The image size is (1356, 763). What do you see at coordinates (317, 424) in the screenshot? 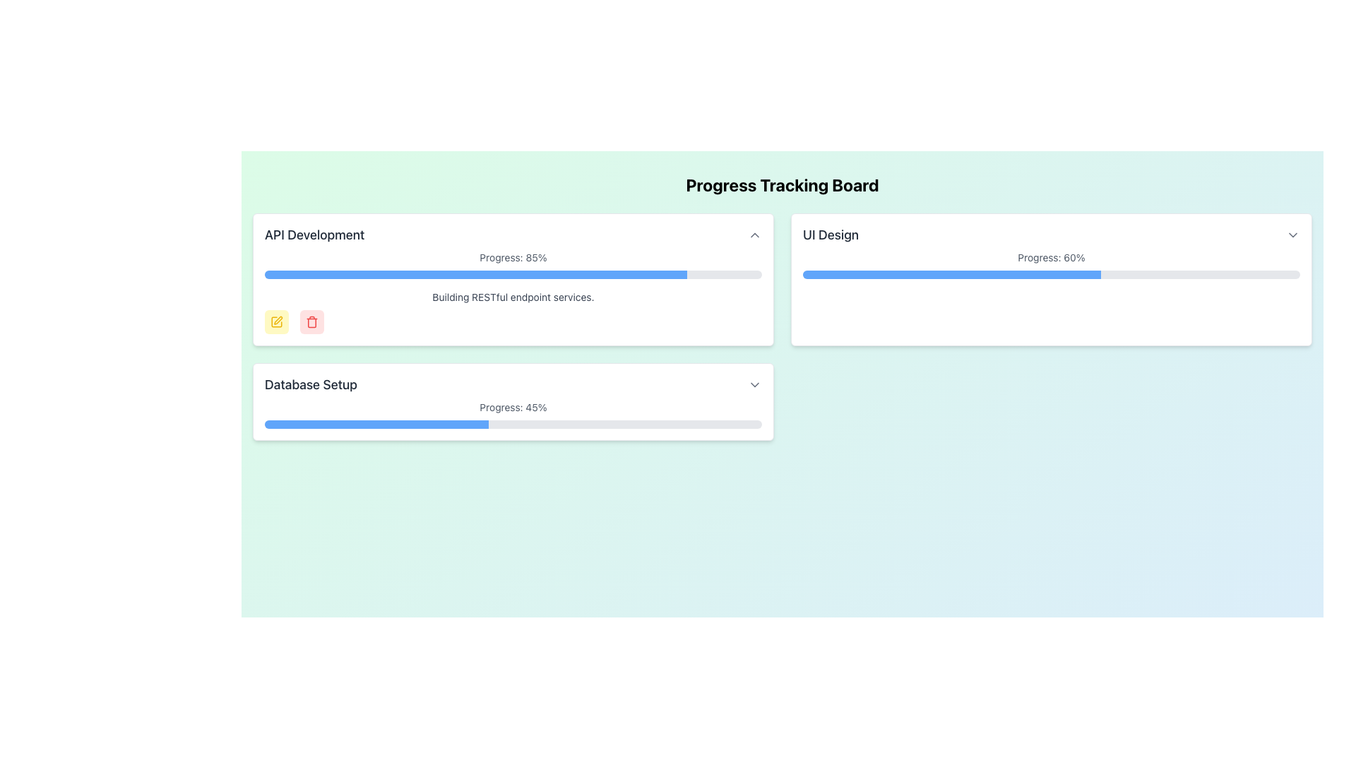
I see `the progress bar` at bounding box center [317, 424].